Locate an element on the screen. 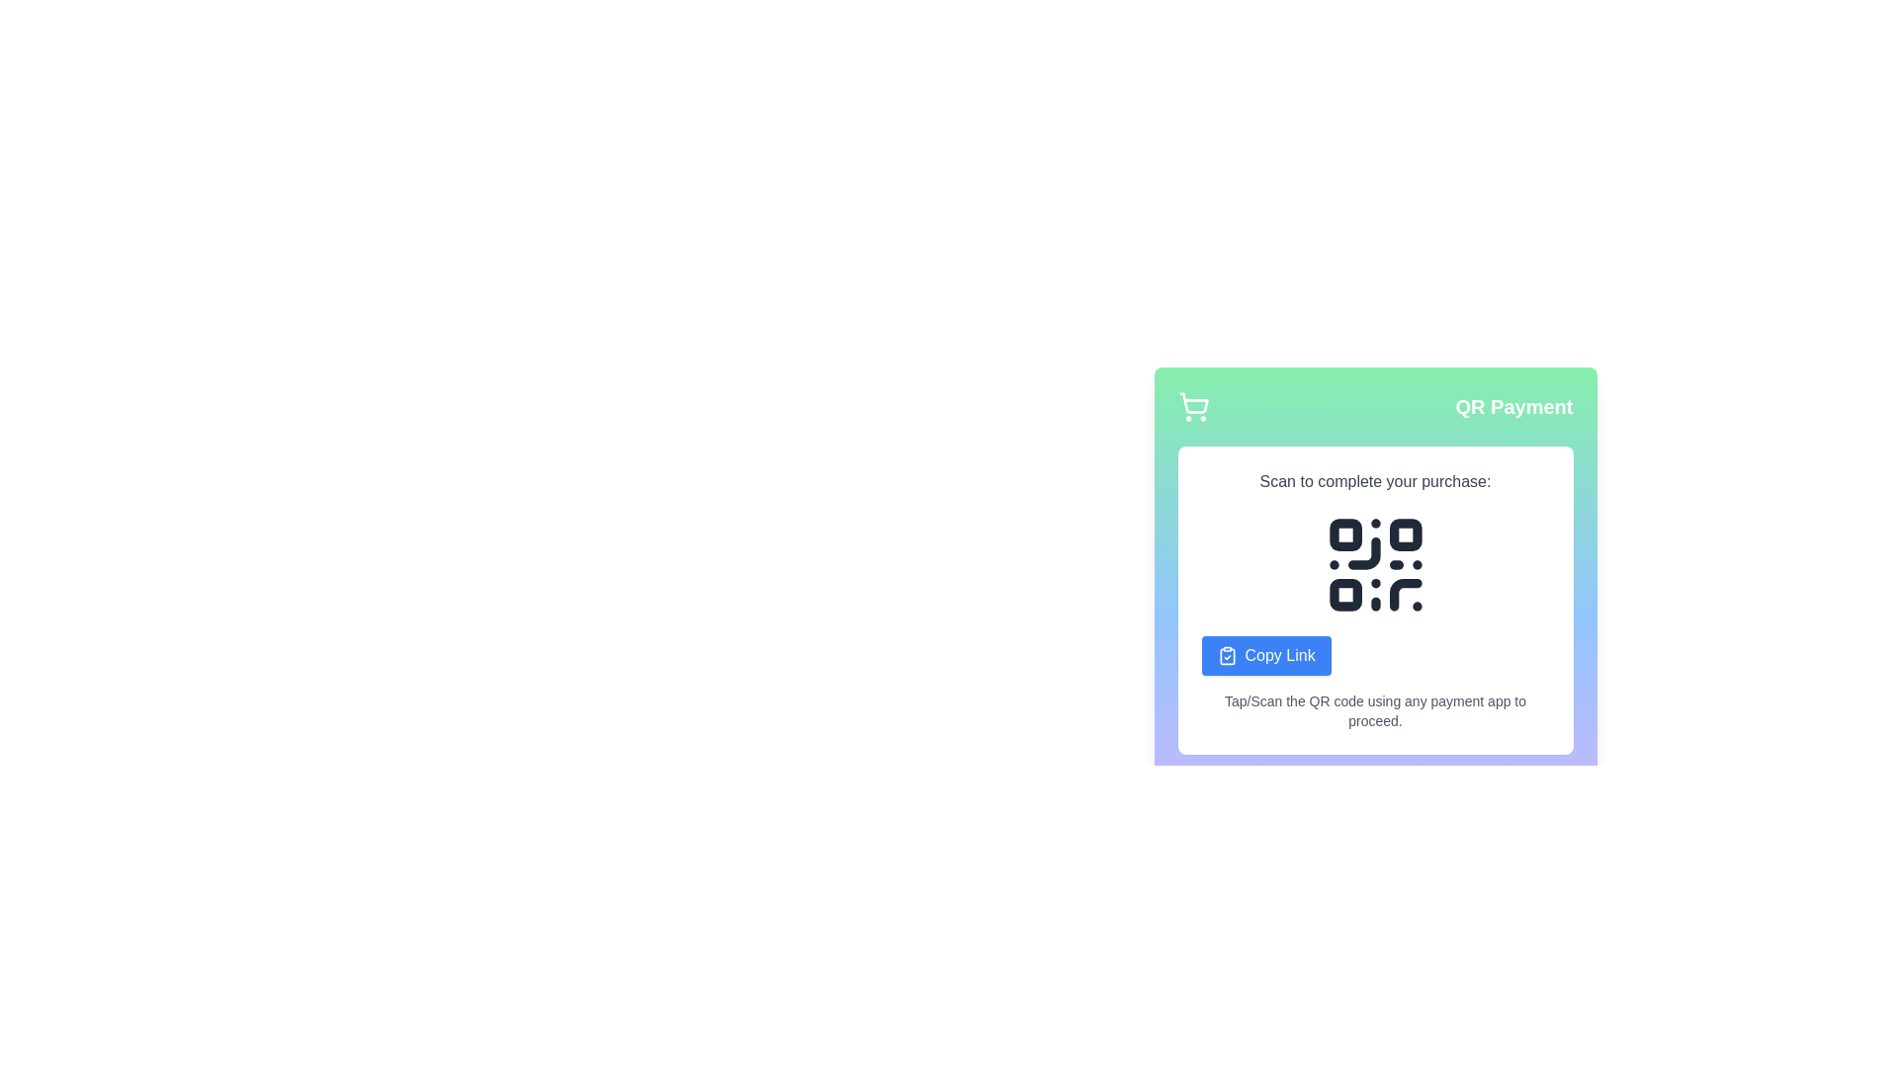 This screenshot has height=1067, width=1898. the small square located in the bottom segment of the top-right dot structure in the QR code, which is the second box among the grouped elements is located at coordinates (1404, 534).